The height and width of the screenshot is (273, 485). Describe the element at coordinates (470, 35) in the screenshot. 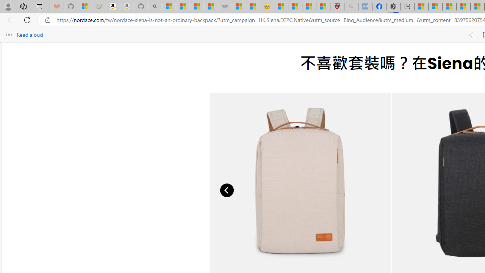

I see `'Read previous paragraph'` at that location.